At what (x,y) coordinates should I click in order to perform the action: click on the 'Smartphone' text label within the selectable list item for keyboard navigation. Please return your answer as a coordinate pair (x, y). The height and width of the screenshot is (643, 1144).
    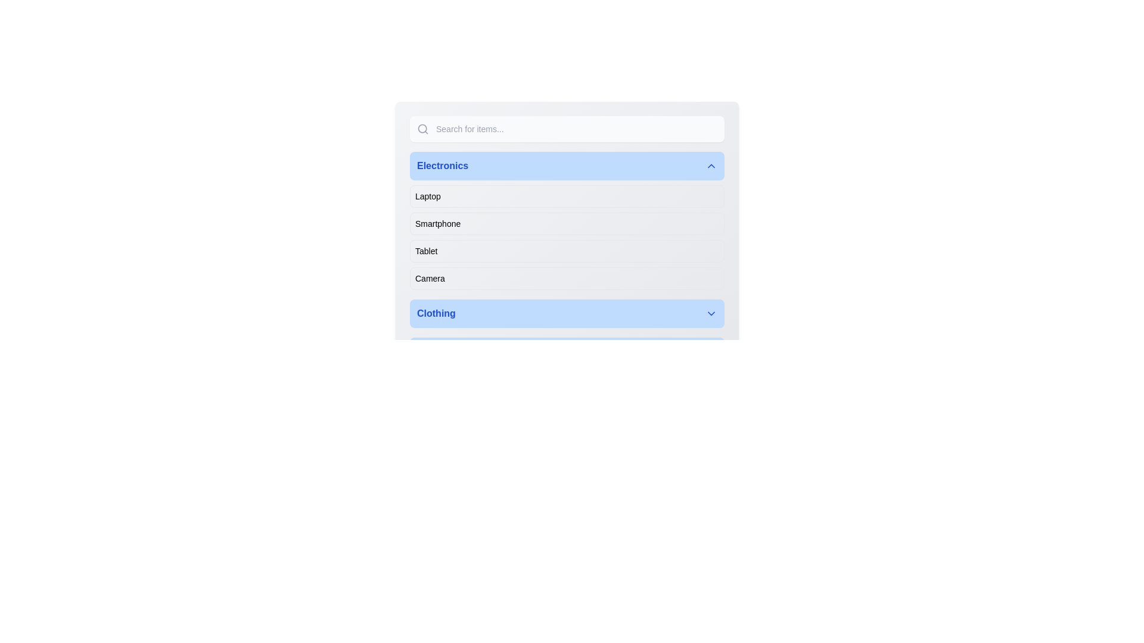
    Looking at the image, I should click on (437, 223).